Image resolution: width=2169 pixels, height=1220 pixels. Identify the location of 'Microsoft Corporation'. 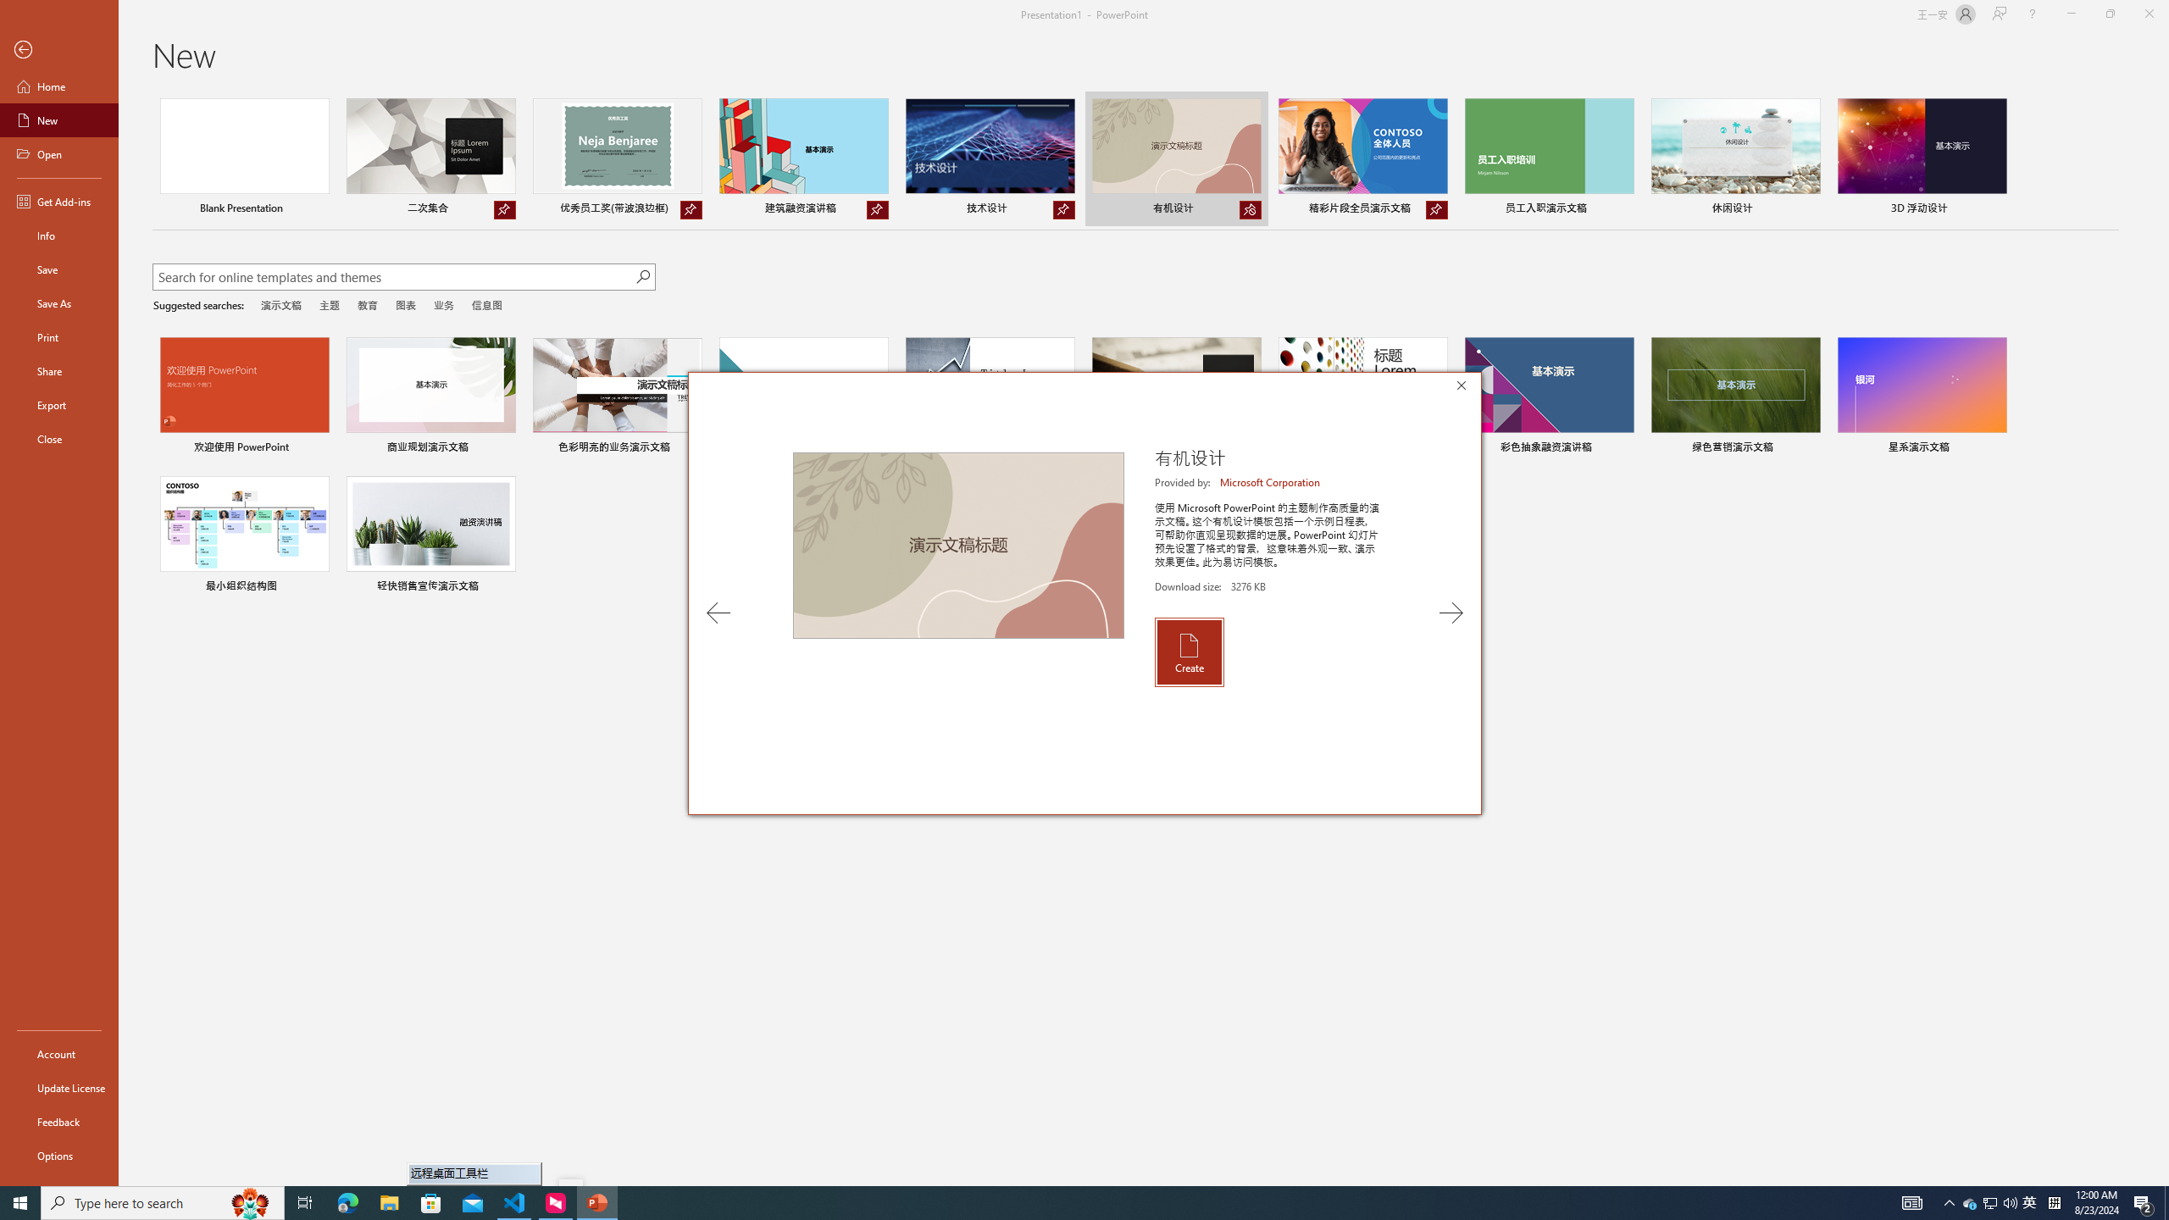
(1271, 481).